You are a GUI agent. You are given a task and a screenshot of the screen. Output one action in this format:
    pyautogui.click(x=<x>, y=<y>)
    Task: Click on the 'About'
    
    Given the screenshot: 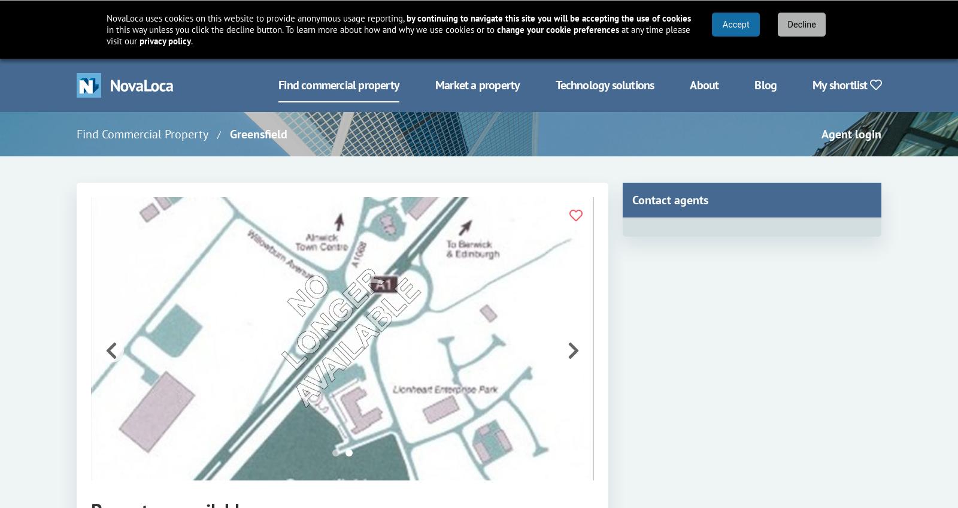 What is the action you would take?
    pyautogui.click(x=690, y=84)
    